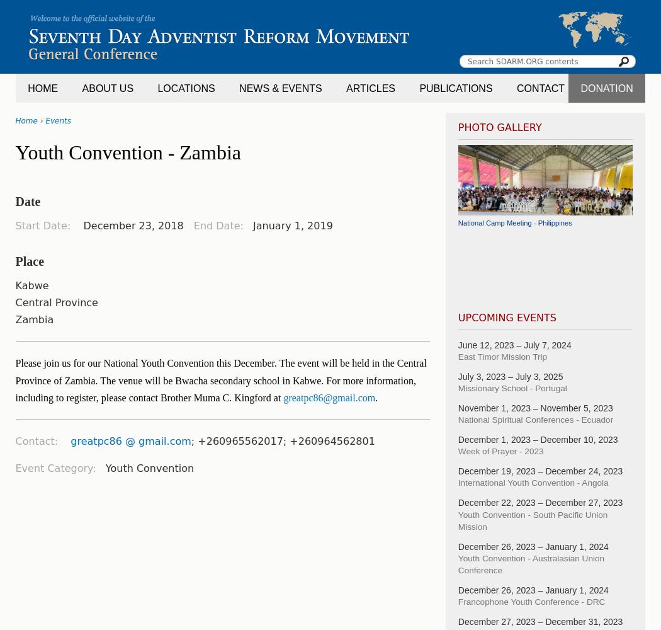 The height and width of the screenshot is (630, 661). Describe the element at coordinates (496, 471) in the screenshot. I see `'December 19, 2023'` at that location.